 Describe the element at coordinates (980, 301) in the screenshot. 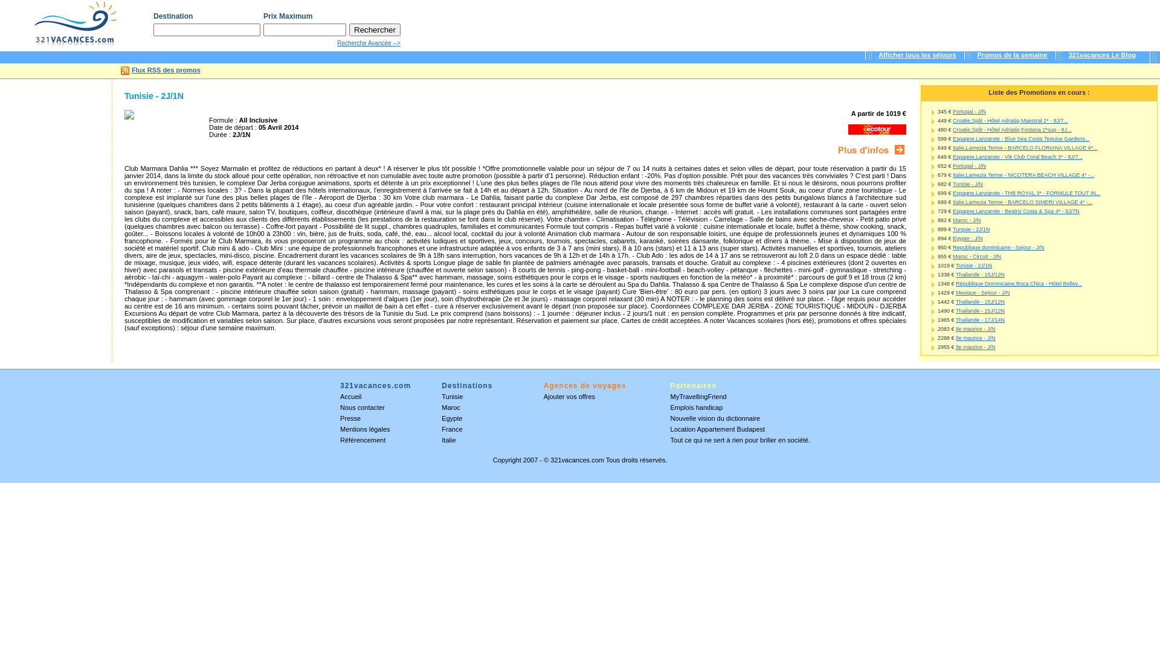

I see `'Thailande - 15J/12N'` at that location.